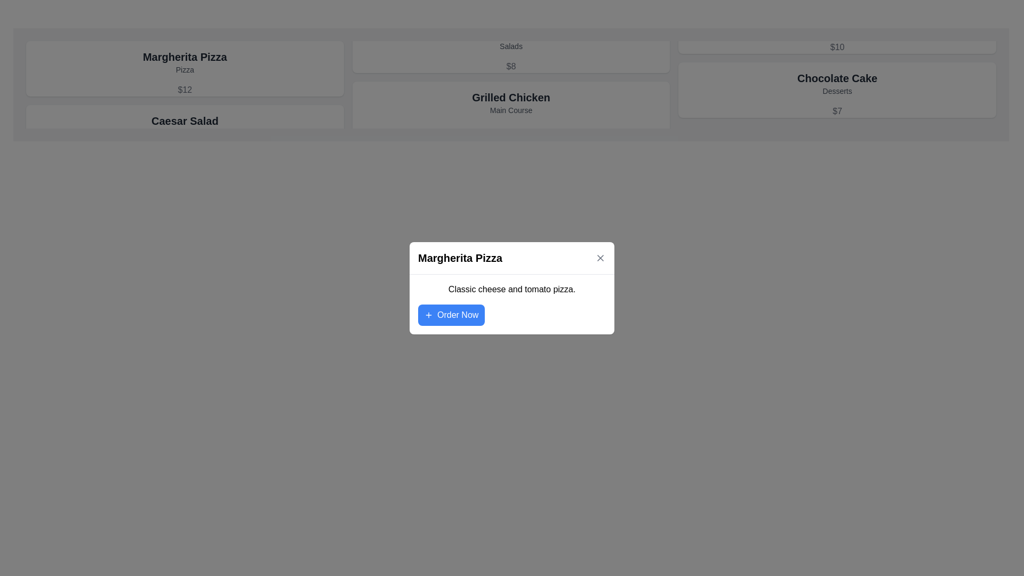 The width and height of the screenshot is (1024, 576). What do you see at coordinates (429, 314) in the screenshot?
I see `the 'Order Now' button which contains the SVG graphical element representing the action of adding or ordering something for 'Margherita Pizza'` at bounding box center [429, 314].